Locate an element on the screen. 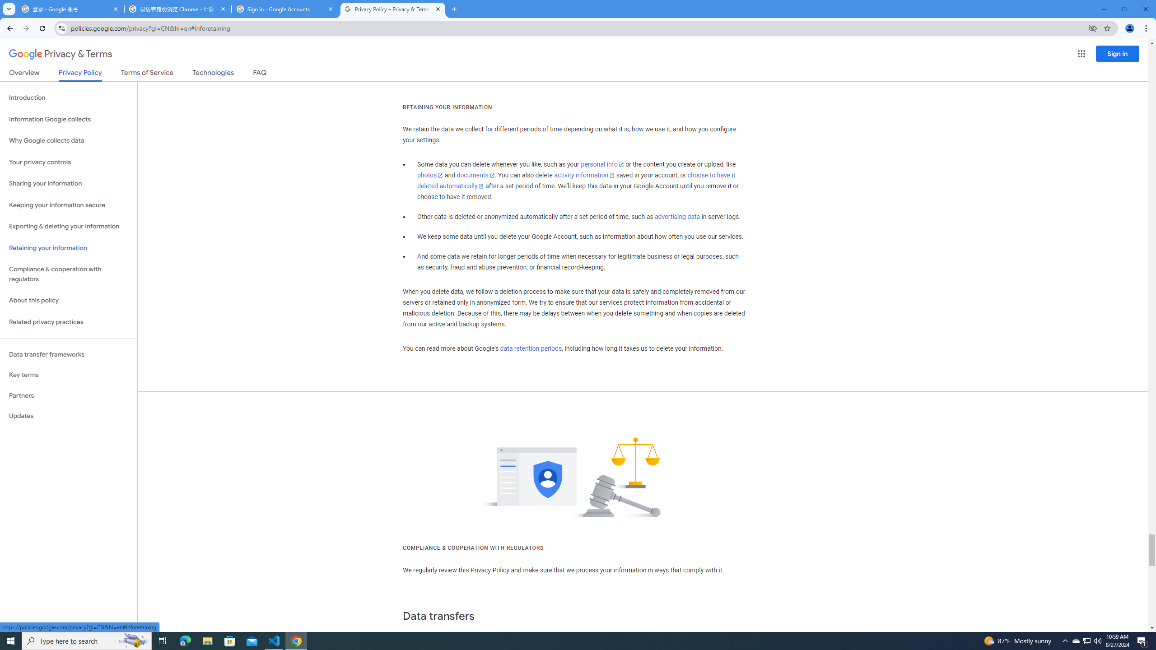  'Overview' is located at coordinates (23, 74).